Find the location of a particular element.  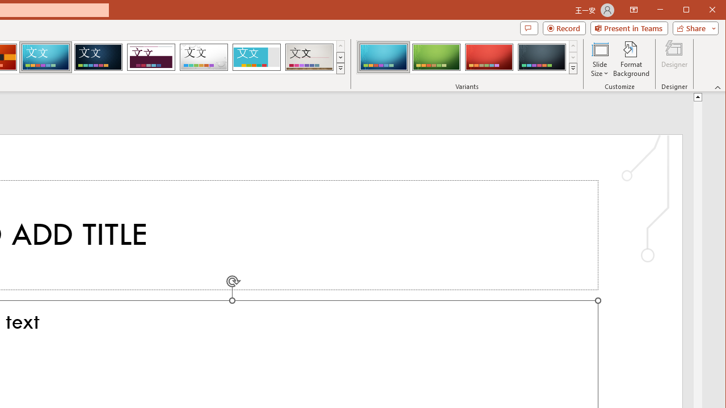

'Circuit Variant 3' is located at coordinates (489, 57).